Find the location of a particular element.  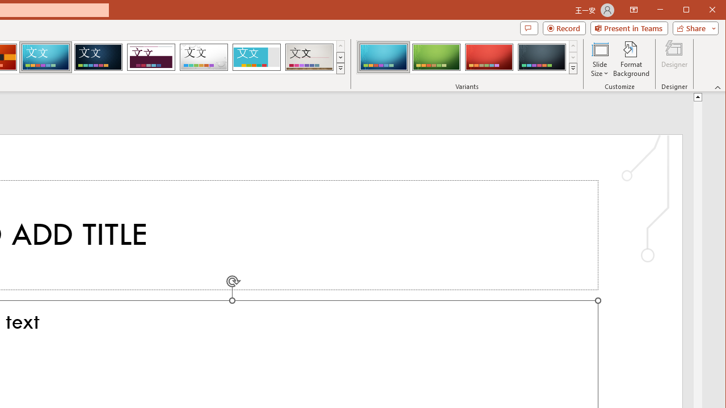

'Circuit Variant 3' is located at coordinates (489, 57).